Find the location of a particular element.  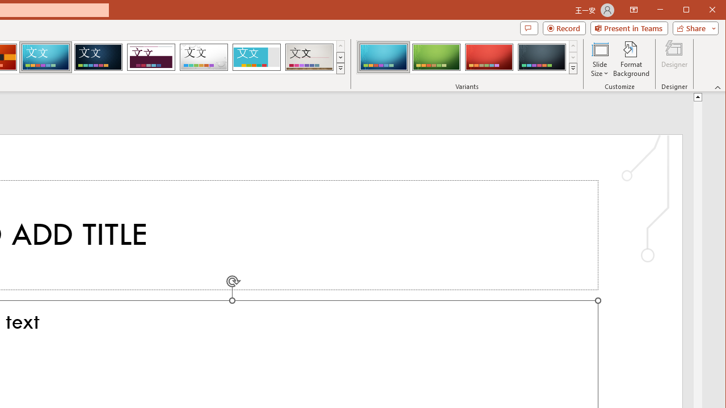

'Circuit Variant 3' is located at coordinates (489, 57).